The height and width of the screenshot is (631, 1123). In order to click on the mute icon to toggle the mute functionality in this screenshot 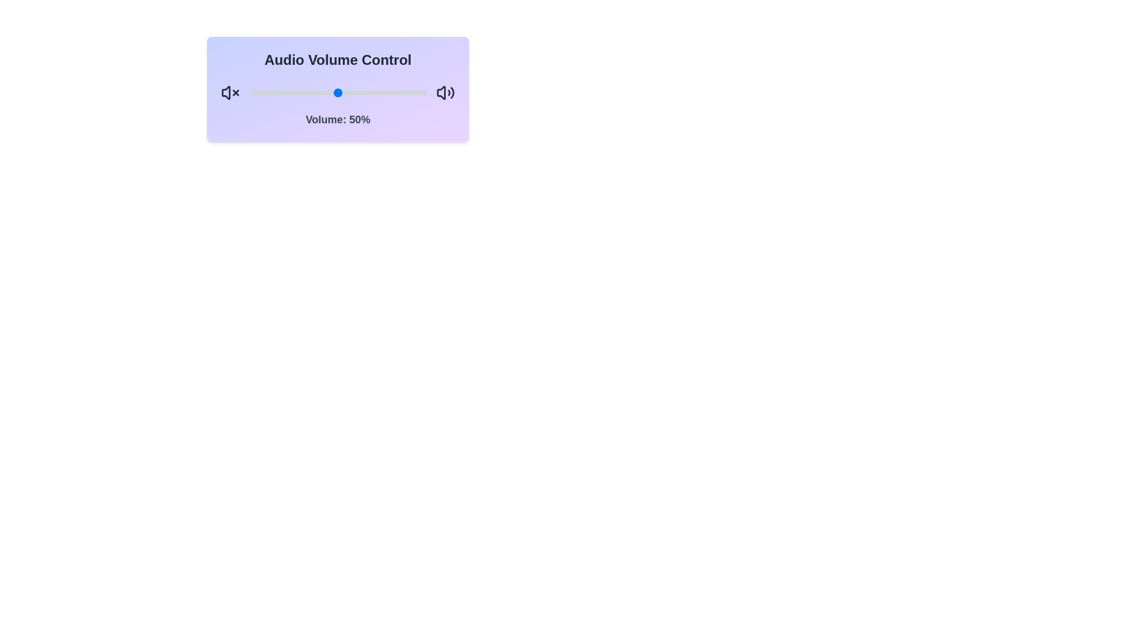, I will do `click(230, 92)`.